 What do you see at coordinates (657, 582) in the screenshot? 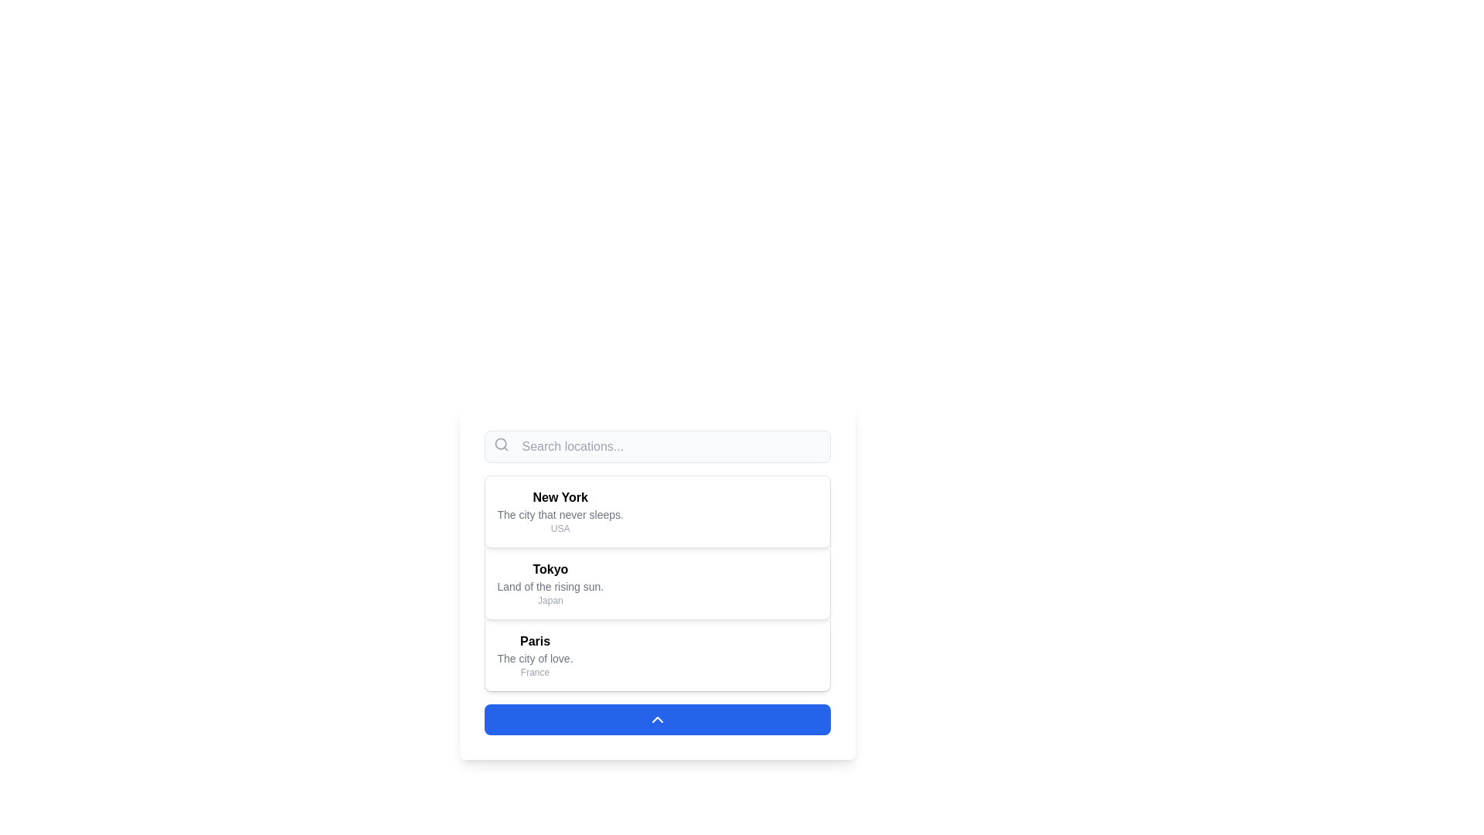
I see `the second selectable list item, which represents a city card` at bounding box center [657, 582].